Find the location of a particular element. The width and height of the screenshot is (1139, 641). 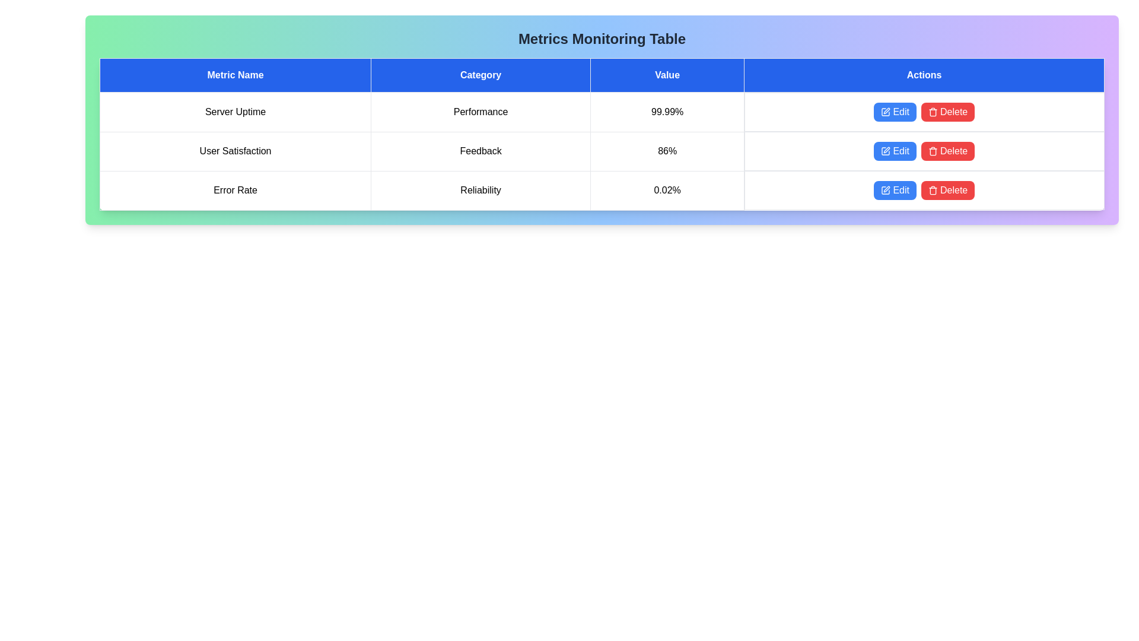

the table header Metric Name to sort or interact with it is located at coordinates (236, 75).